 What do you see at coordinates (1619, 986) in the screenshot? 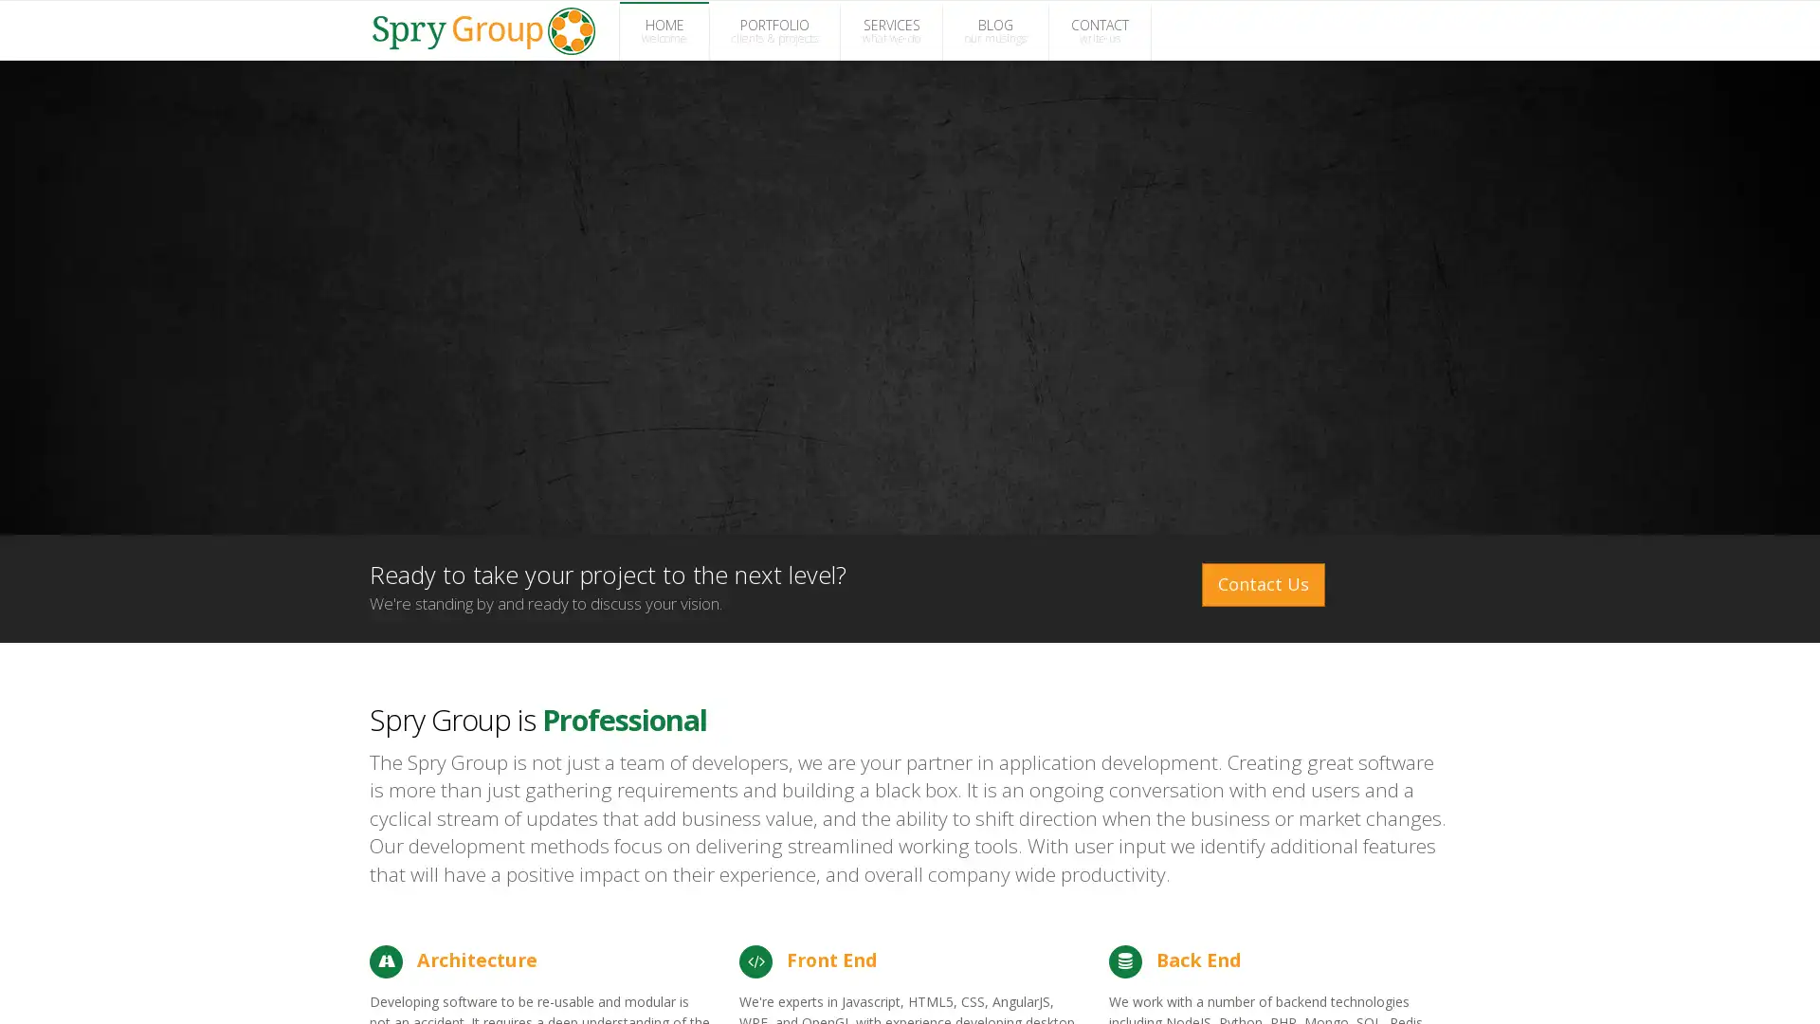
I see `Schedule` at bounding box center [1619, 986].